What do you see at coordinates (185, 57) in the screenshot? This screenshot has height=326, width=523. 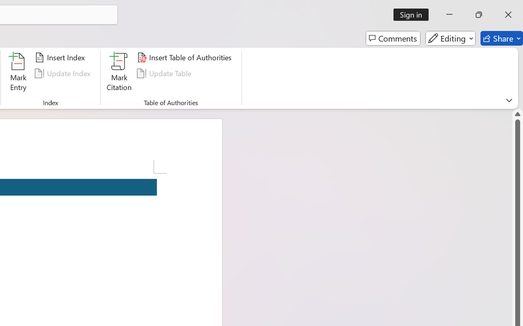 I see `'Insert Table of Authorities...'` at bounding box center [185, 57].